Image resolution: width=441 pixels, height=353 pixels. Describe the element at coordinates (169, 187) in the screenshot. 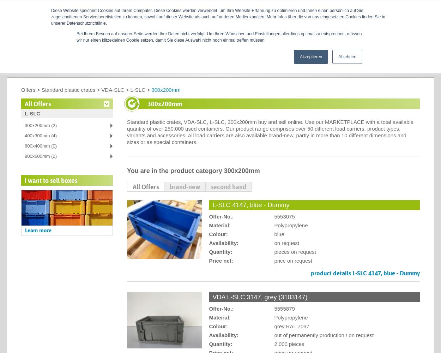

I see `'brand-new'` at that location.